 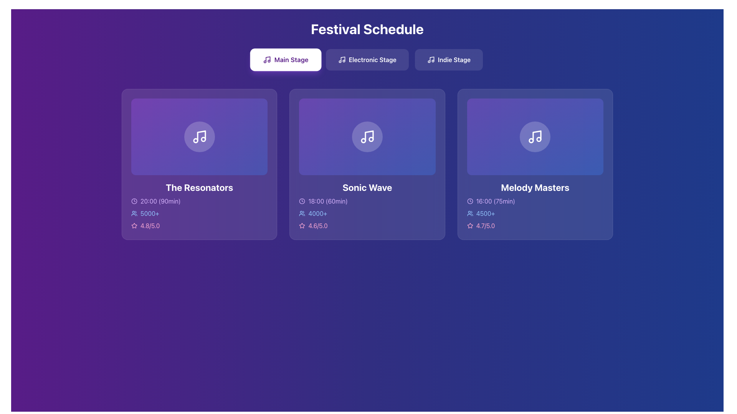 I want to click on the small blue wireframe icon resembling a group of people, located to the left of the text '4500+' in the third concert card labeled 'Melody Masters', so click(x=469, y=213).